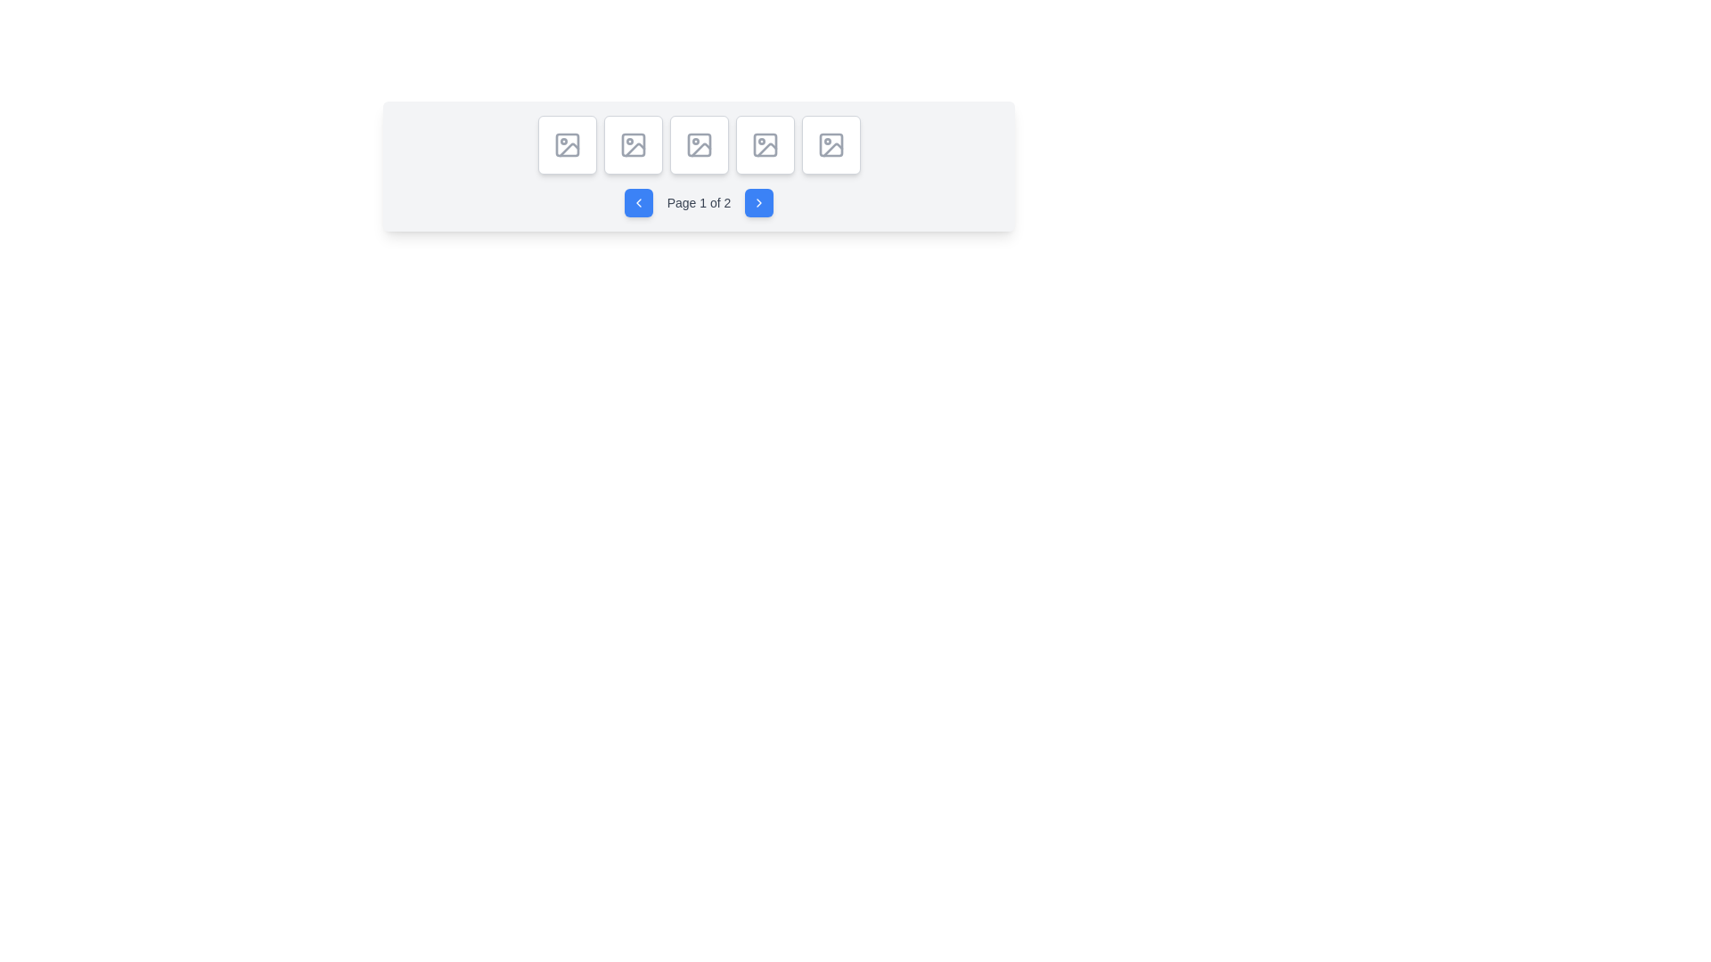 The image size is (1711, 962). What do you see at coordinates (698, 201) in the screenshot?
I see `the textual indicator displaying 'Page 1 of 2' in gray color, located centrally in the navigation control bar` at bounding box center [698, 201].